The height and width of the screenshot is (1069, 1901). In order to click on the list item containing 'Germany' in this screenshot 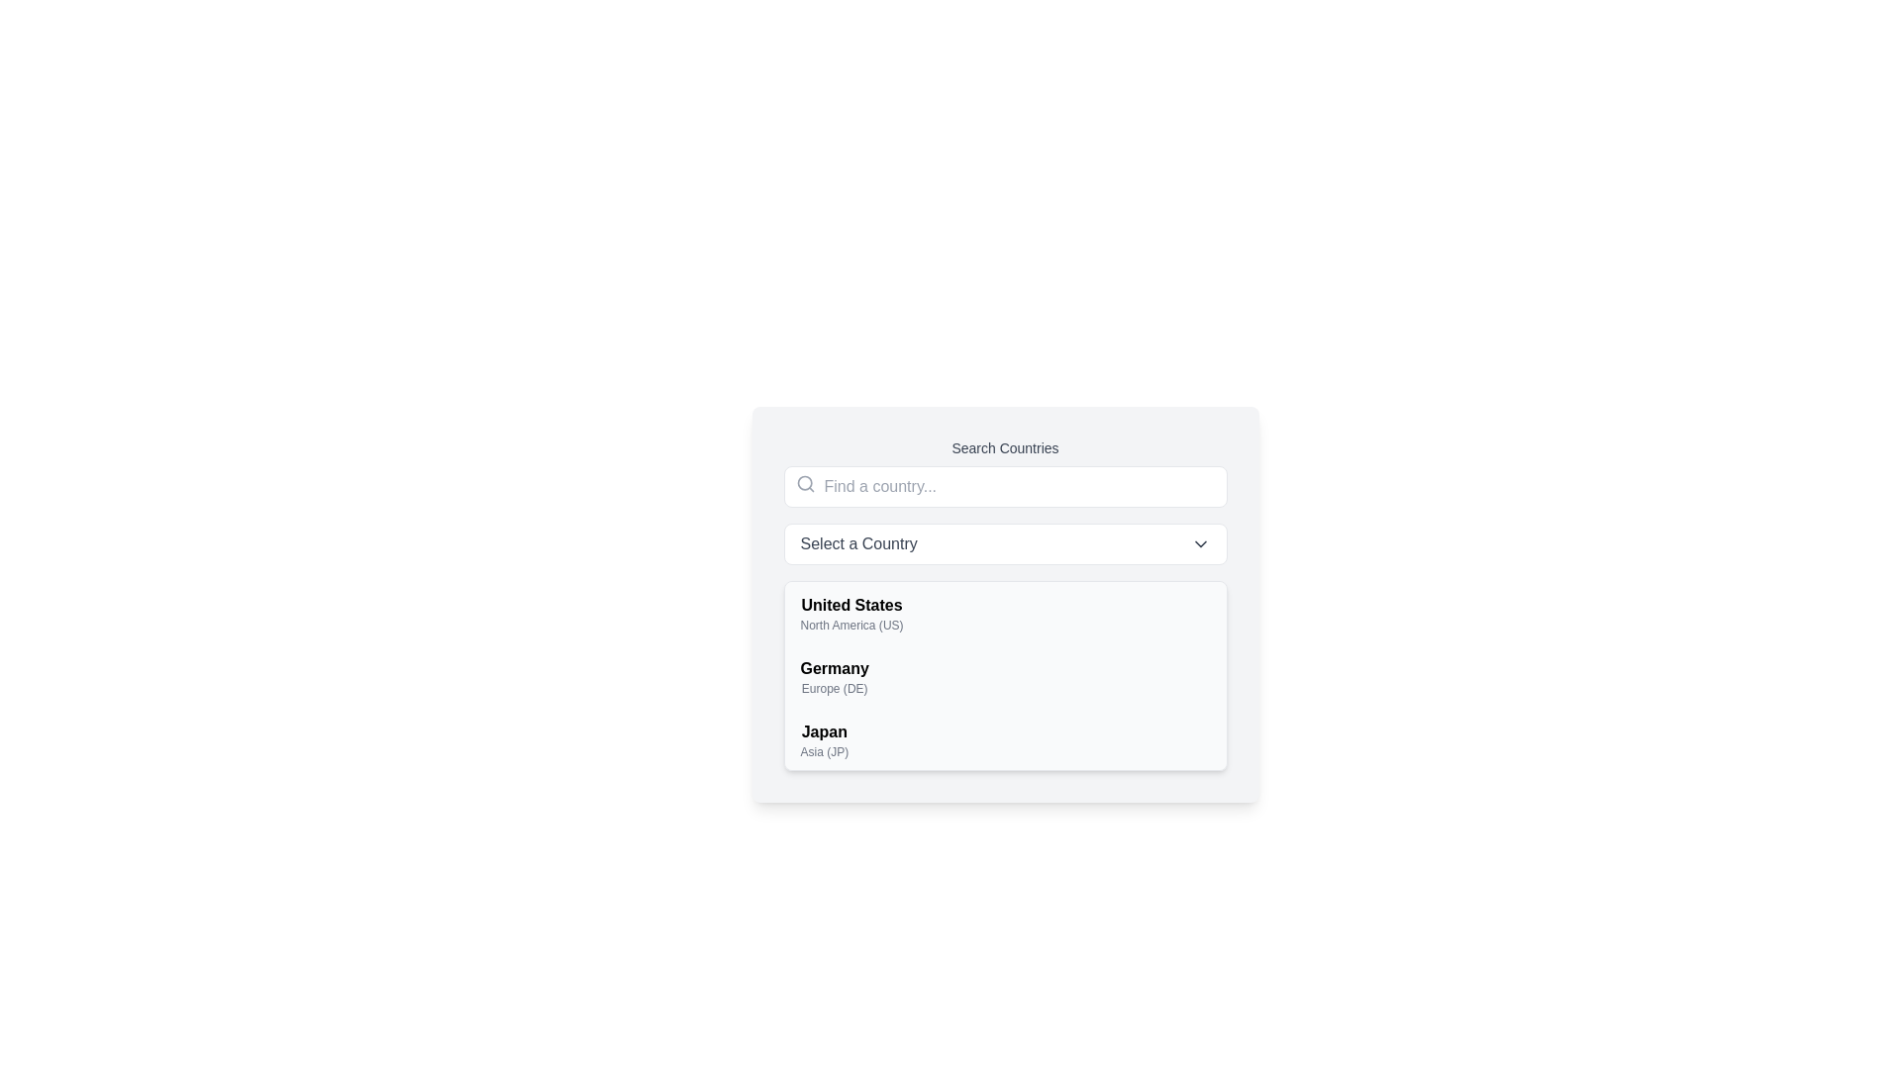, I will do `click(1005, 675)`.